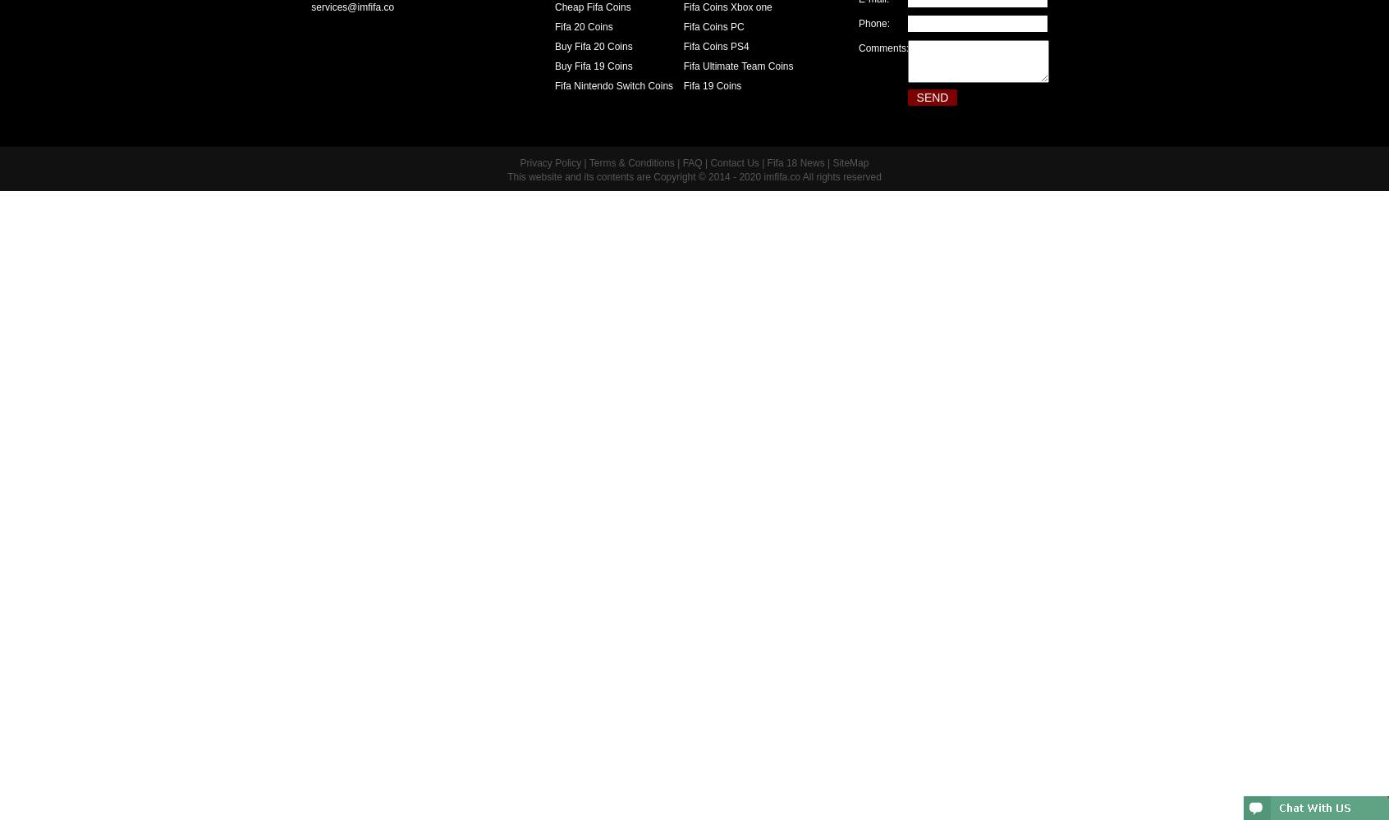 This screenshot has width=1389, height=820. I want to click on 'SiteMap', so click(850, 162).